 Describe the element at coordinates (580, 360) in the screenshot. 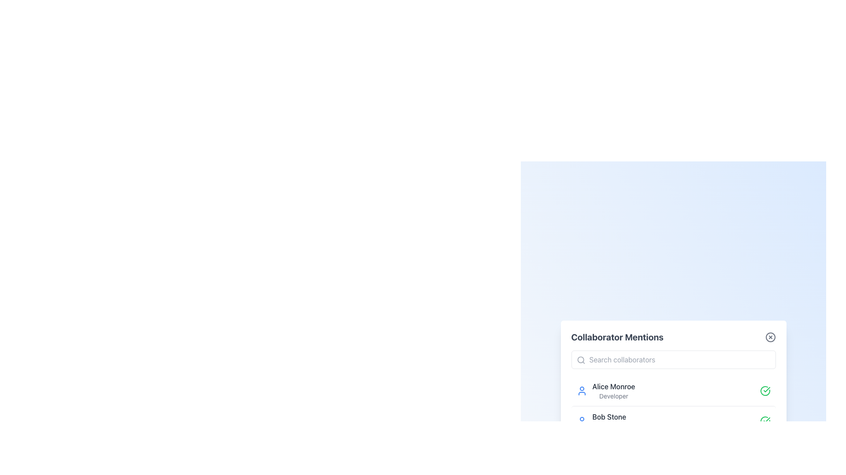

I see `the circular icon component of the search icon located next to the 'Search collaborators' text input field in the 'Collaborator Mentions' panel` at that location.